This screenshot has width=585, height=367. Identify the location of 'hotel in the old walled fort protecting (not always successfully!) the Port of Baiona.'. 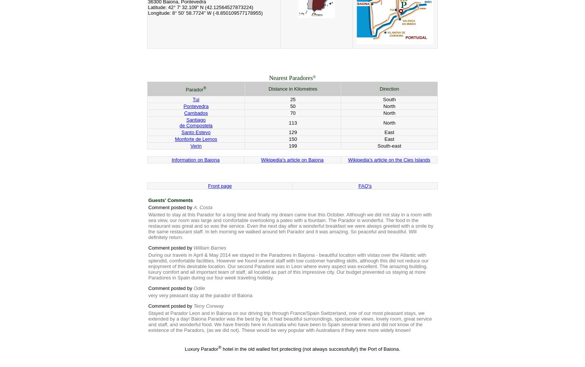
(310, 348).